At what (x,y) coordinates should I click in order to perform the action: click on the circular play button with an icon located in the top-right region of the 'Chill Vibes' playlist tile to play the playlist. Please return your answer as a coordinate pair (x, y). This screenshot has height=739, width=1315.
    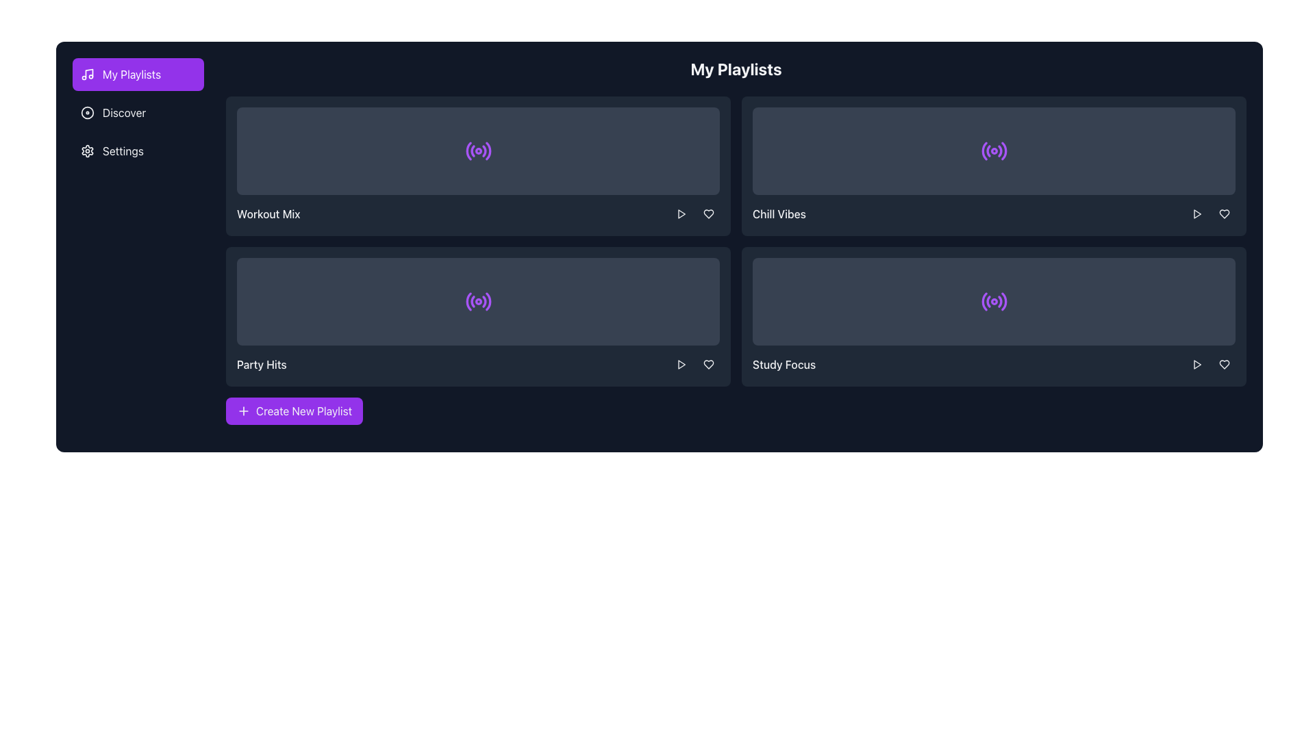
    Looking at the image, I should click on (1196, 213).